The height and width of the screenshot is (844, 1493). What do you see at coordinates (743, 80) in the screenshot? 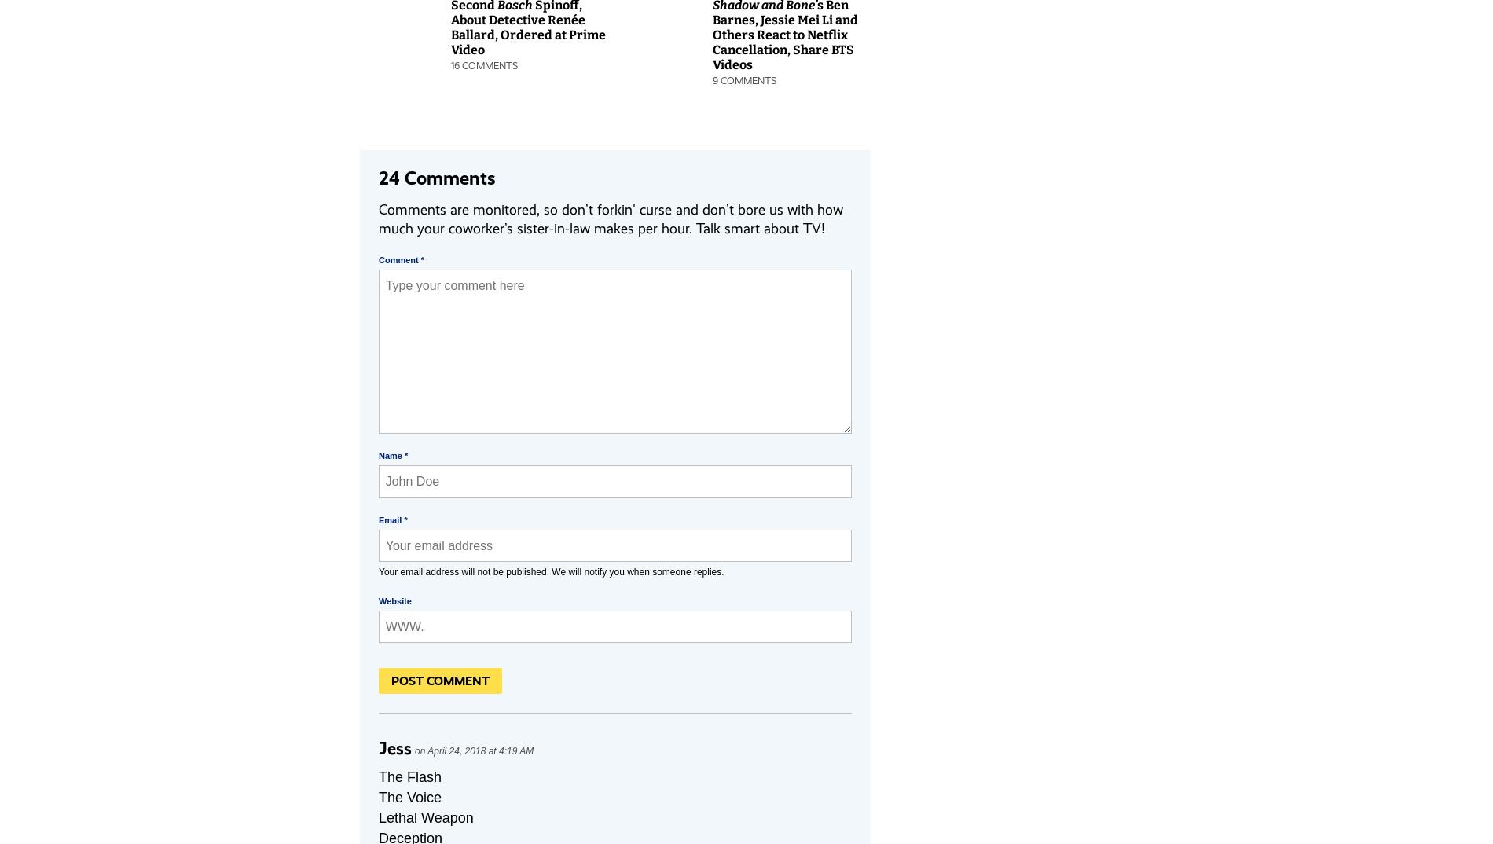
I see `'9 Comments'` at bounding box center [743, 80].